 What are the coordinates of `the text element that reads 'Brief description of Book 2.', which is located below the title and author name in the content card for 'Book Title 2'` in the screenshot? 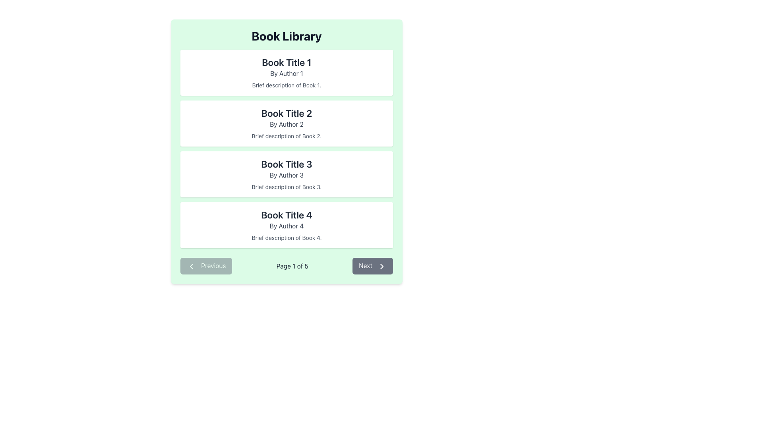 It's located at (286, 136).